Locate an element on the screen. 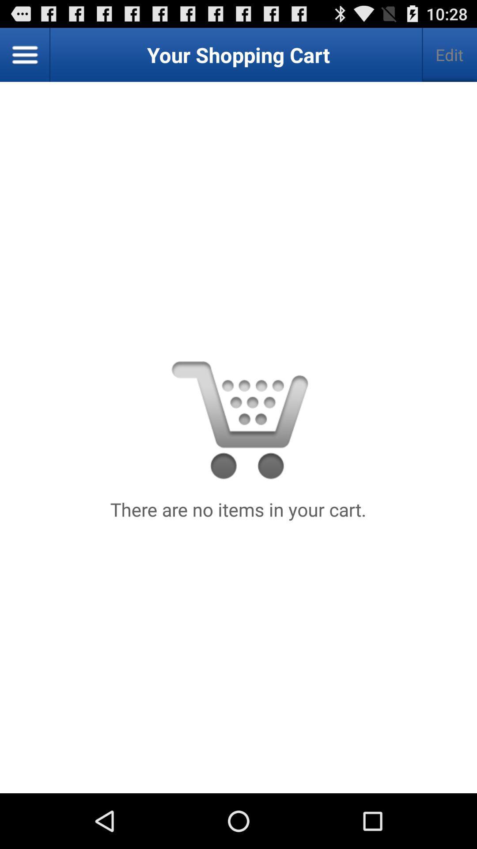  the item to the left of edit is located at coordinates (25, 54).